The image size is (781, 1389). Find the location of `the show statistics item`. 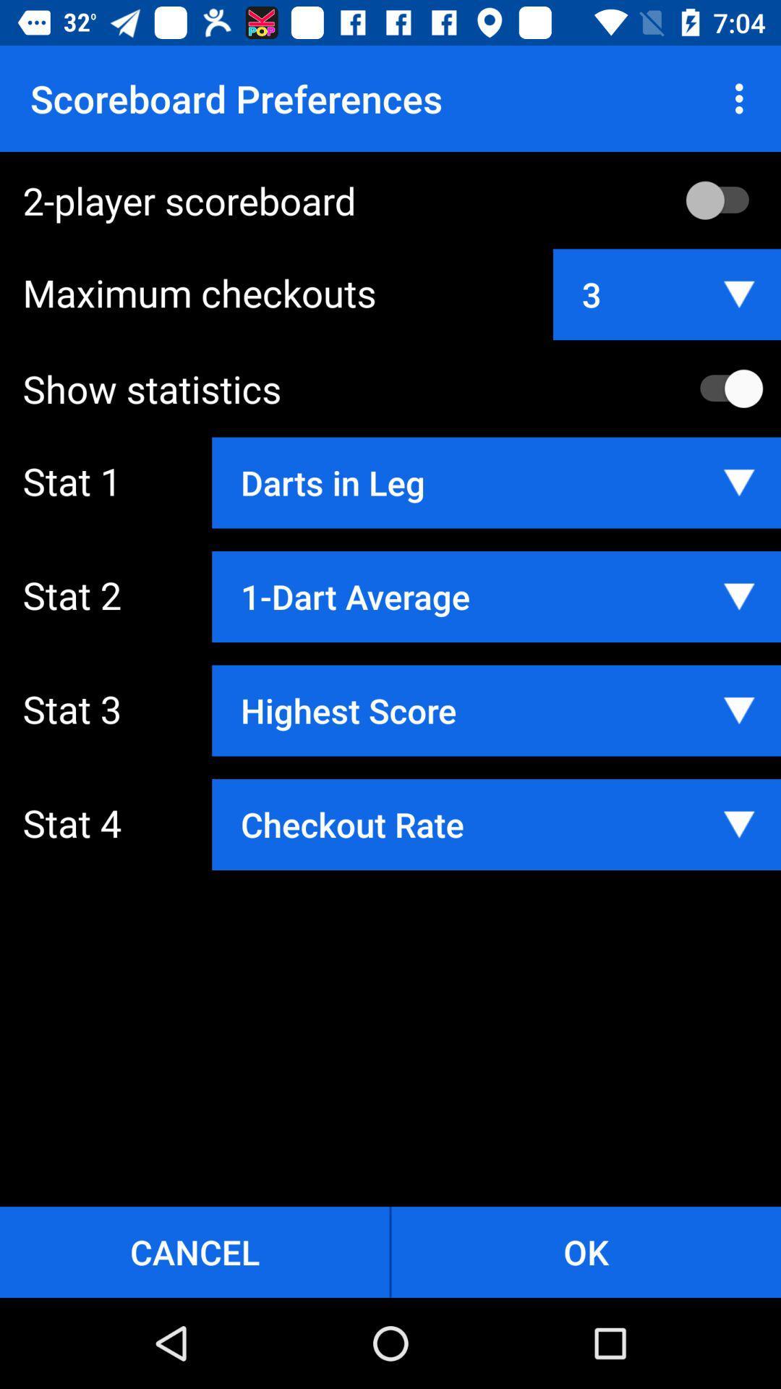

the show statistics item is located at coordinates (401, 388).